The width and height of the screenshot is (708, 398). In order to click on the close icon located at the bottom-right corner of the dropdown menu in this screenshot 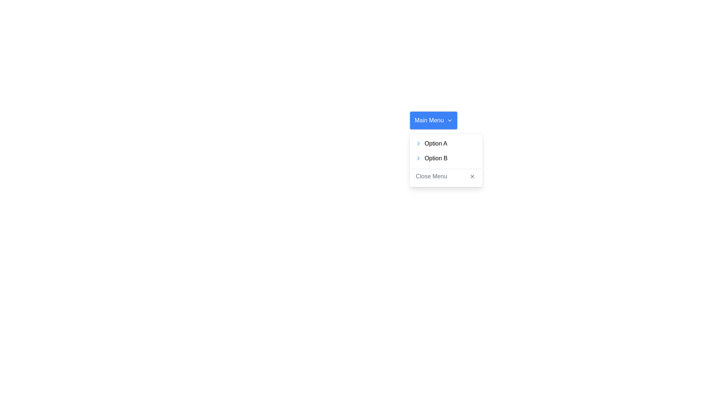, I will do `click(472, 176)`.